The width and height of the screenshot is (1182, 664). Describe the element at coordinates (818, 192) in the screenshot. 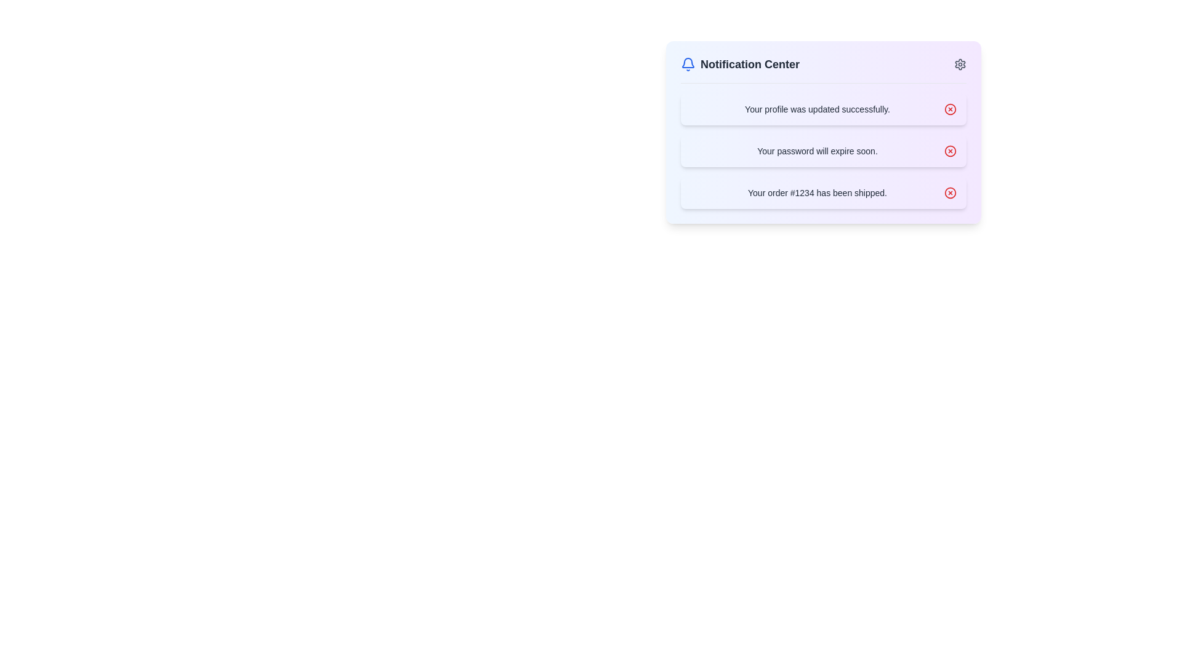

I see `shipping update message displayed in the third notification item of the Notification Center interface` at that location.